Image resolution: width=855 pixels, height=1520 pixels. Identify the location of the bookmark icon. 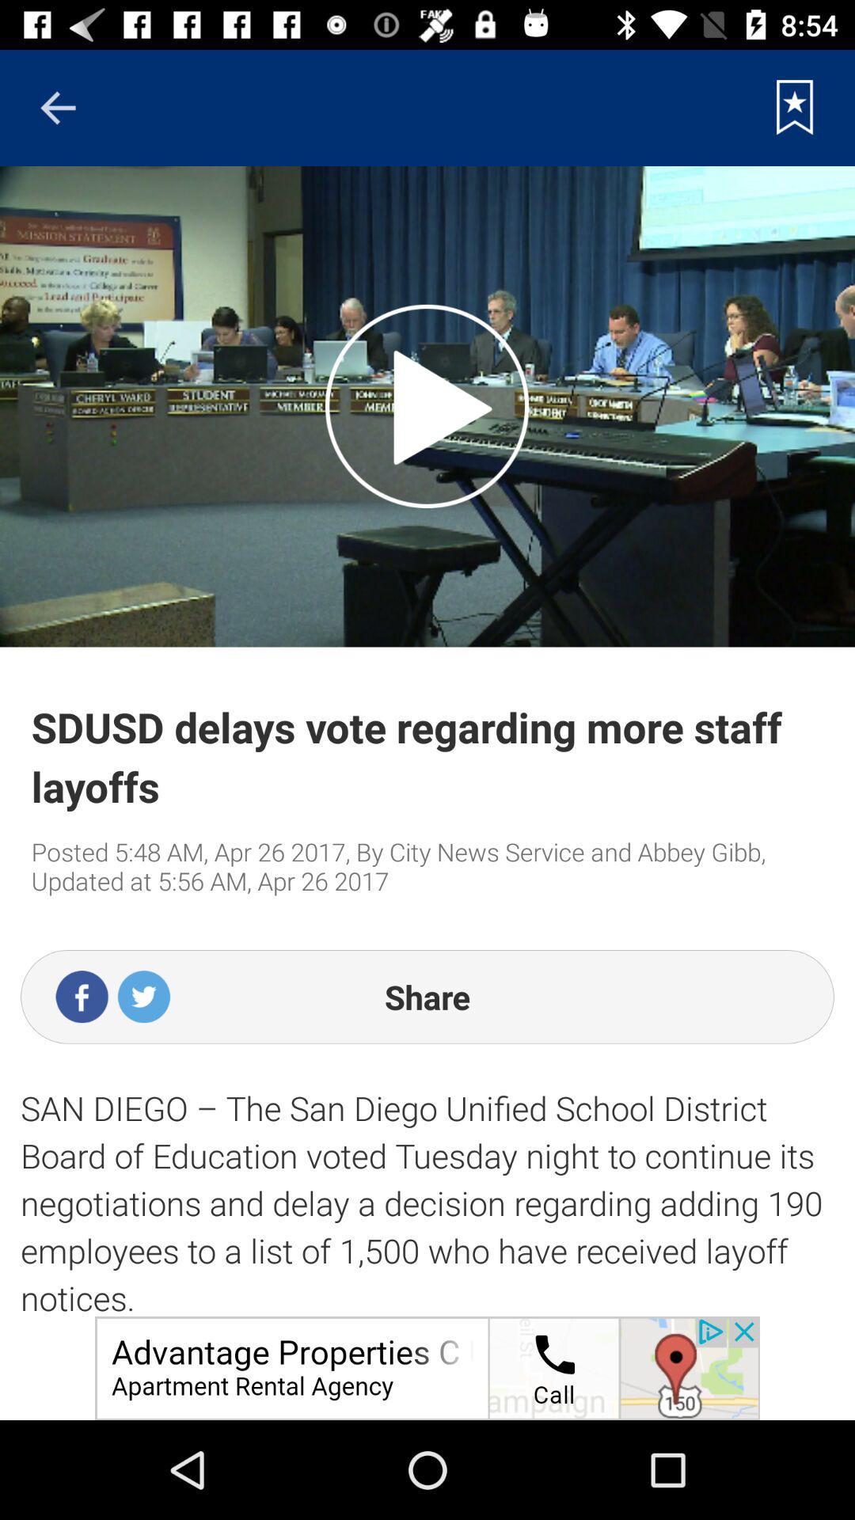
(795, 107).